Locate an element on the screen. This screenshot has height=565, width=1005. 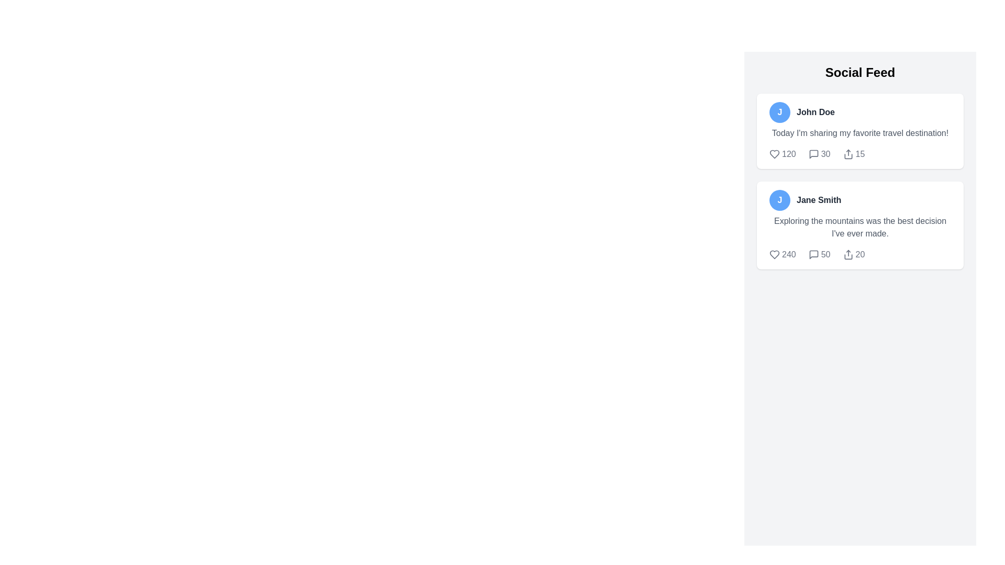
the heart-shaped 'like' button located at the leftmost position in the row of interactive icons in the first post block of the 'Social Feed' section is located at coordinates (774, 154).